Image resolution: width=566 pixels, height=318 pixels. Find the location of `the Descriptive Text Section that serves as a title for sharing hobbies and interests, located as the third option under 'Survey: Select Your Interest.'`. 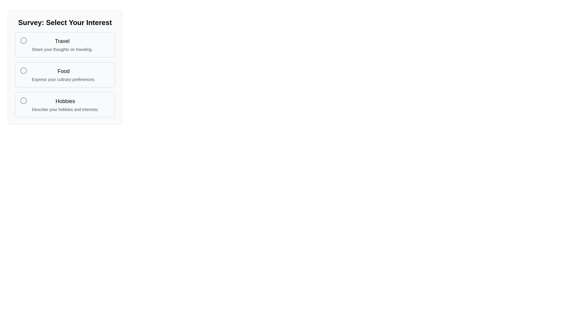

the Descriptive Text Section that serves as a title for sharing hobbies and interests, located as the third option under 'Survey: Select Your Interest.' is located at coordinates (65, 104).